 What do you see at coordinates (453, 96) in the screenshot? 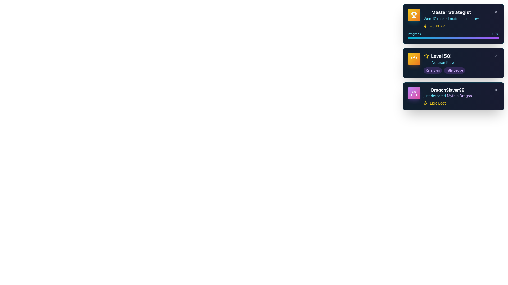
I see `the notification box styled with a dark background, featuring the name 'DragonSlayer99' and message 'just defeated Mythic Dragon'` at bounding box center [453, 96].